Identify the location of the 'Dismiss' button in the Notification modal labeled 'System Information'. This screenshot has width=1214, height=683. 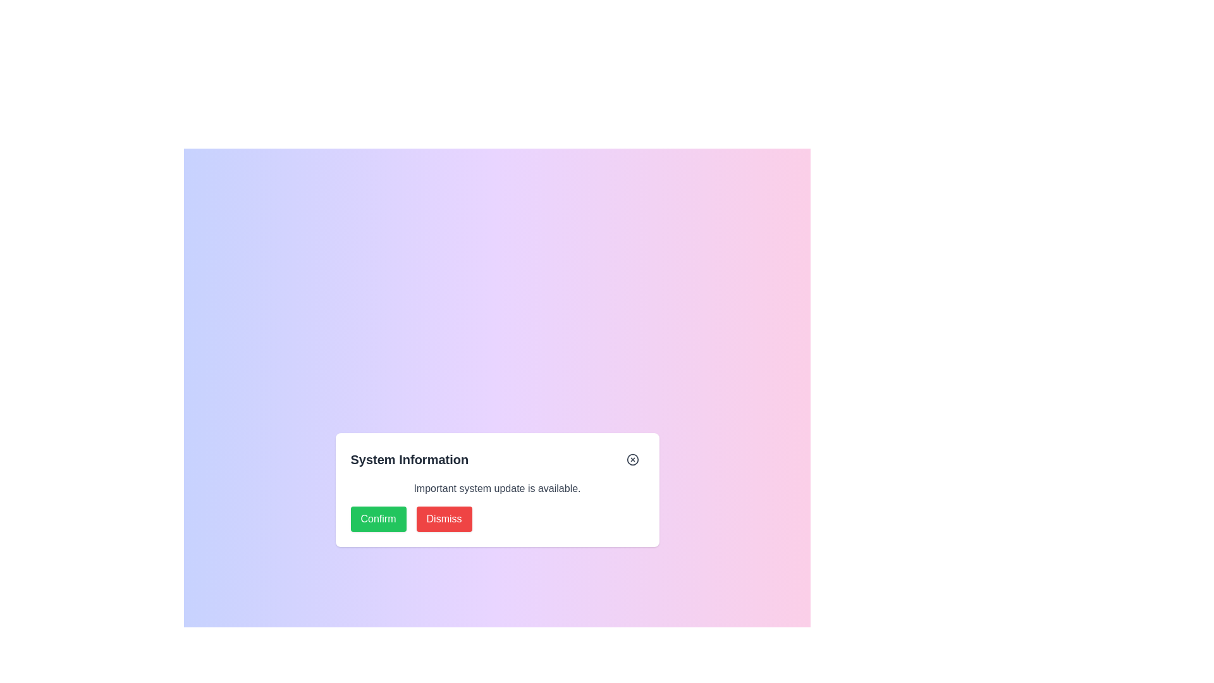
(496, 506).